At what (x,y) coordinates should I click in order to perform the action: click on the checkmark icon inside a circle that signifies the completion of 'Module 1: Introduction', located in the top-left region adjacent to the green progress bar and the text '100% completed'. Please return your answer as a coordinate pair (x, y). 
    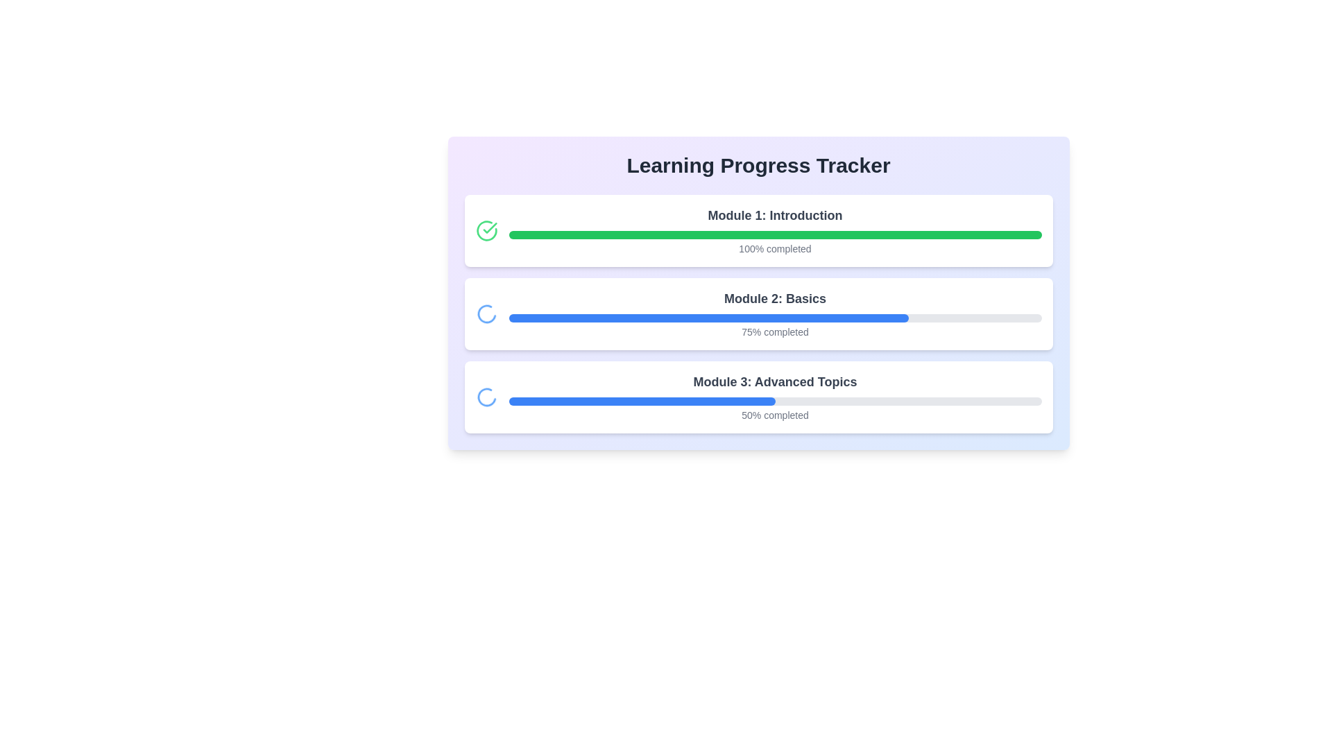
    Looking at the image, I should click on (486, 230).